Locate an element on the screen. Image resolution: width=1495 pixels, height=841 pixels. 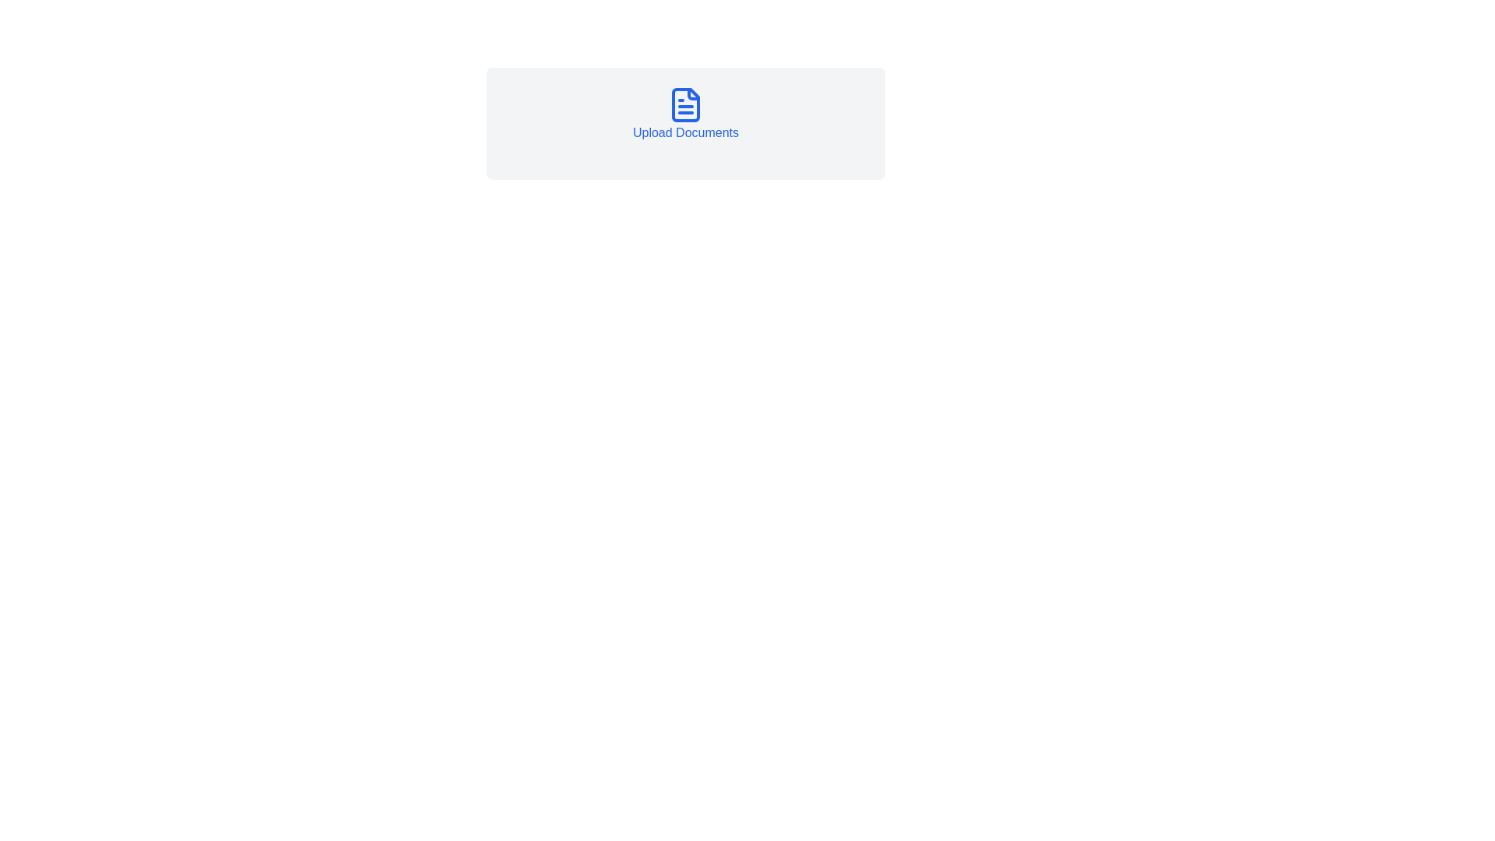
the clickable area containing a blue file icon and the label 'Upload Documents' is located at coordinates (685, 113).